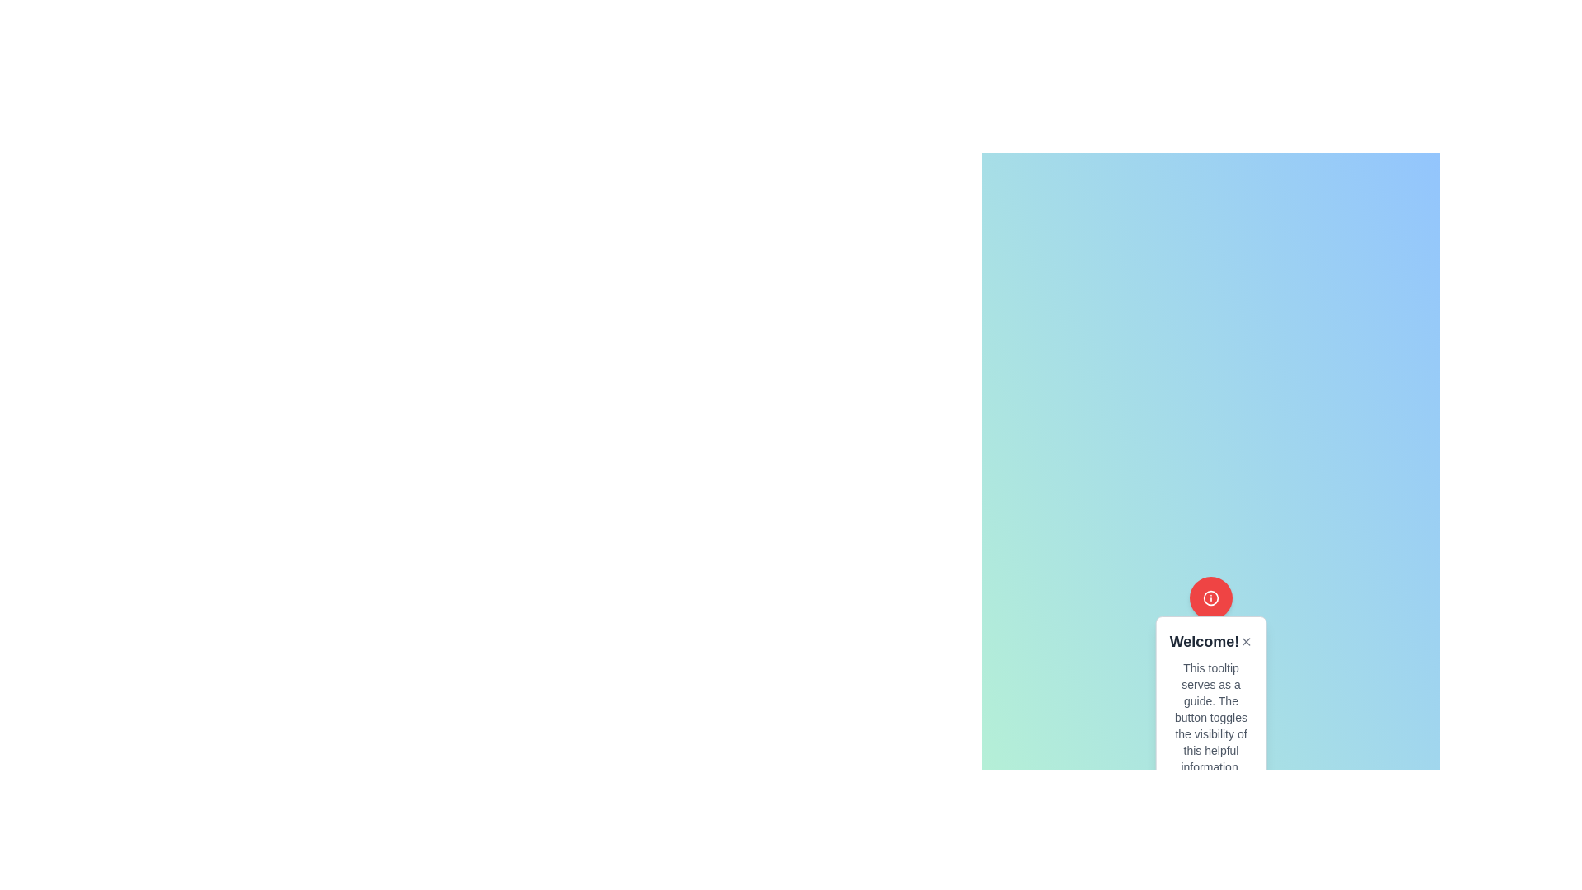 This screenshot has height=890, width=1582. Describe the element at coordinates (1210, 644) in the screenshot. I see `the 'Welcome!' text component which is bold and large, located at the top of the tooltip box, with an adjacent close icon on the right` at that location.